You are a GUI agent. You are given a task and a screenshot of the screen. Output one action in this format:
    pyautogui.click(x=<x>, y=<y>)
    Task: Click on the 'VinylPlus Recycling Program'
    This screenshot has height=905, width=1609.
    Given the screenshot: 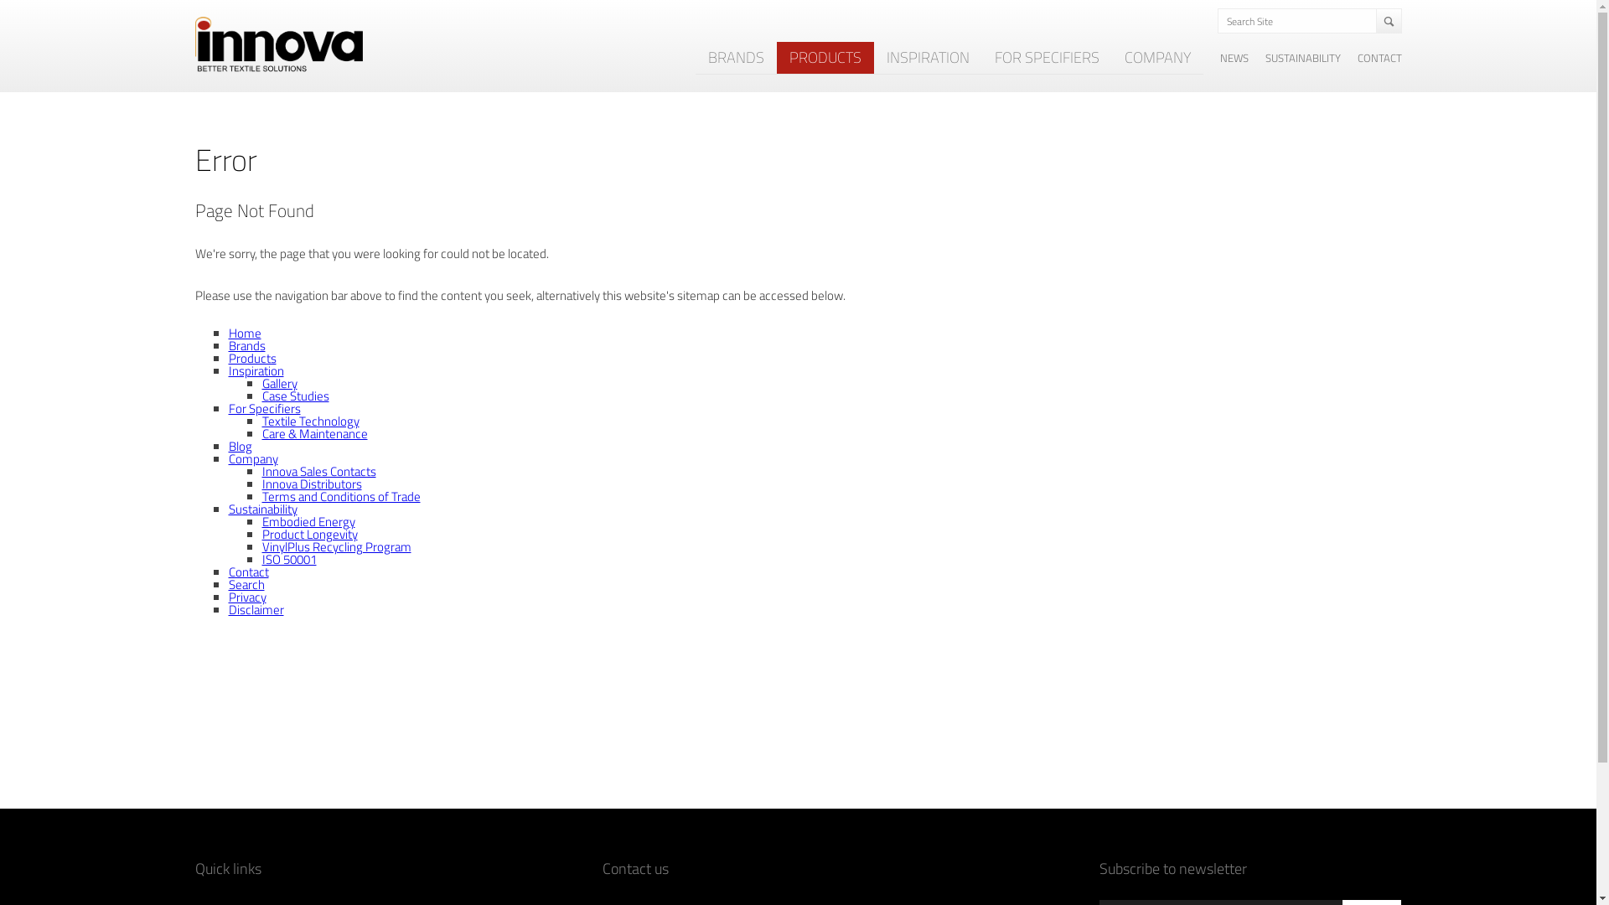 What is the action you would take?
    pyautogui.click(x=335, y=546)
    